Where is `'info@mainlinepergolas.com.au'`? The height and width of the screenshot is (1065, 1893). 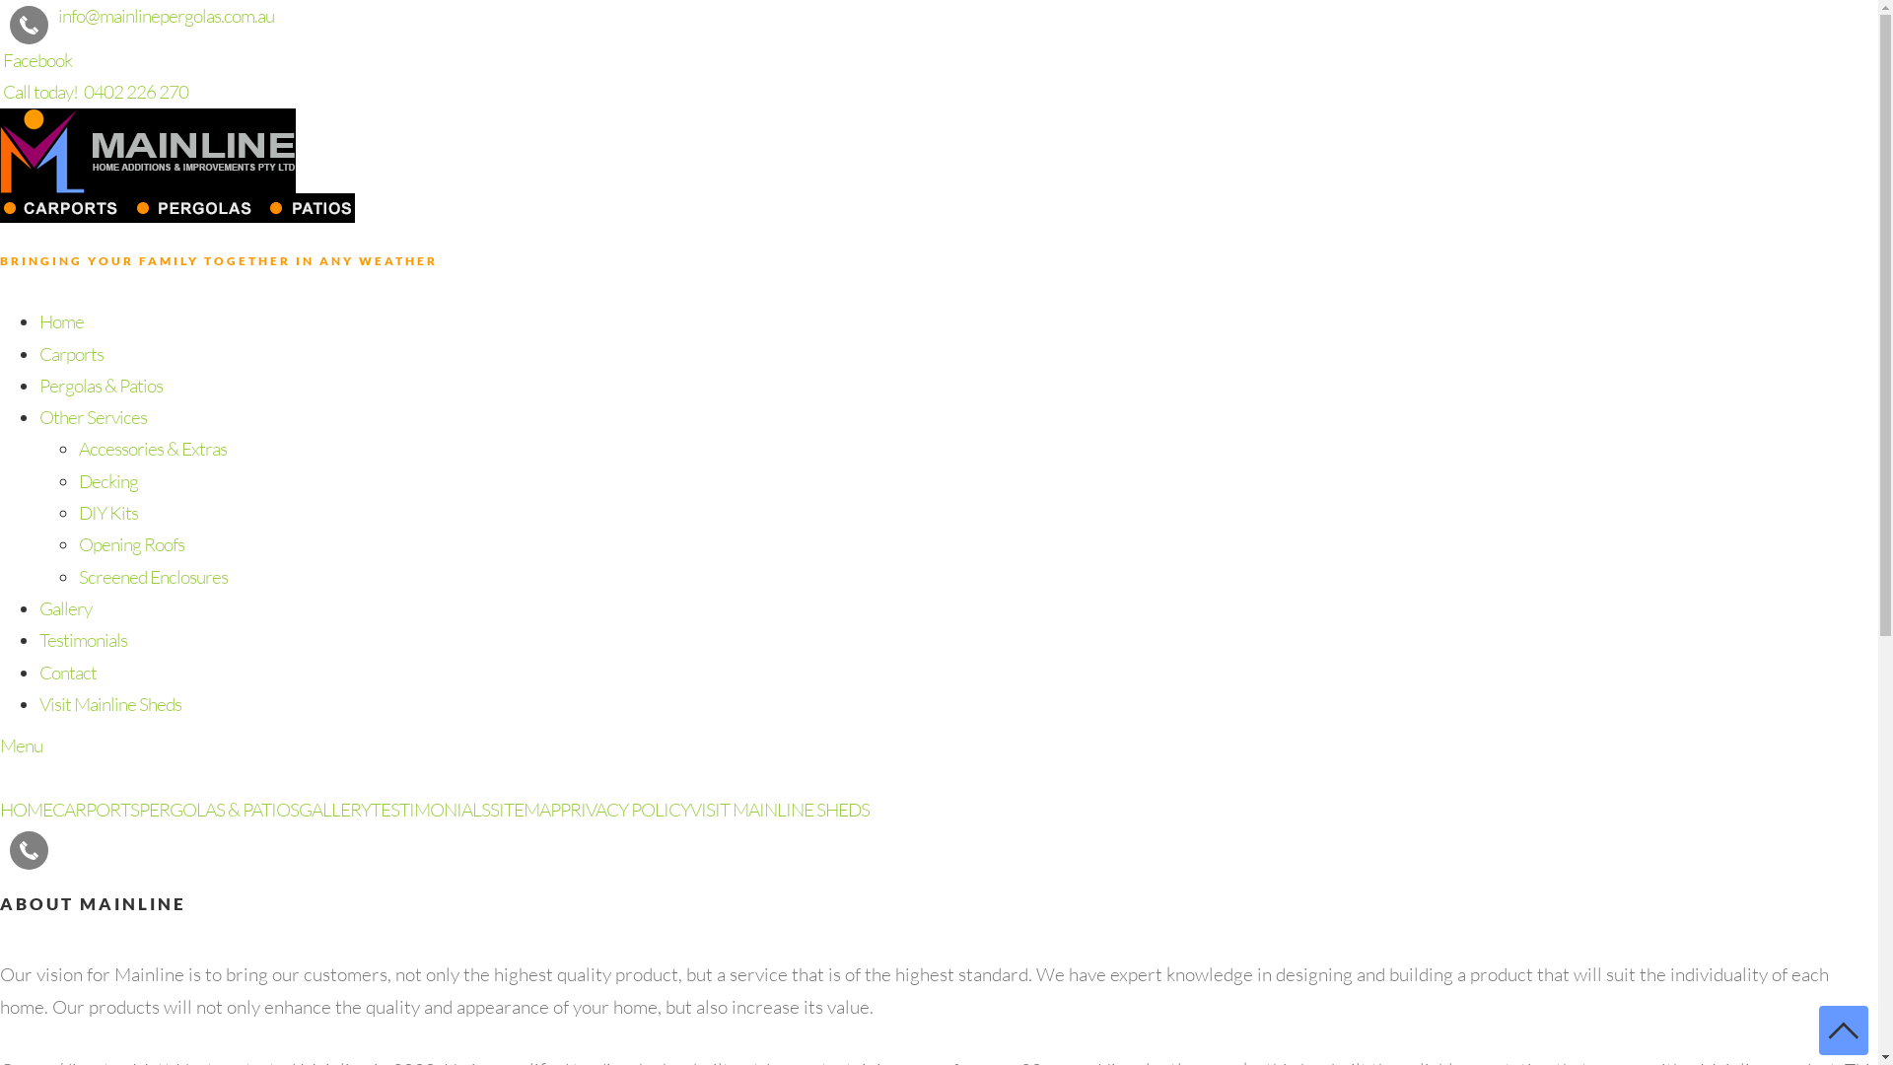 'info@mainlinepergolas.com.au' is located at coordinates (166, 15).